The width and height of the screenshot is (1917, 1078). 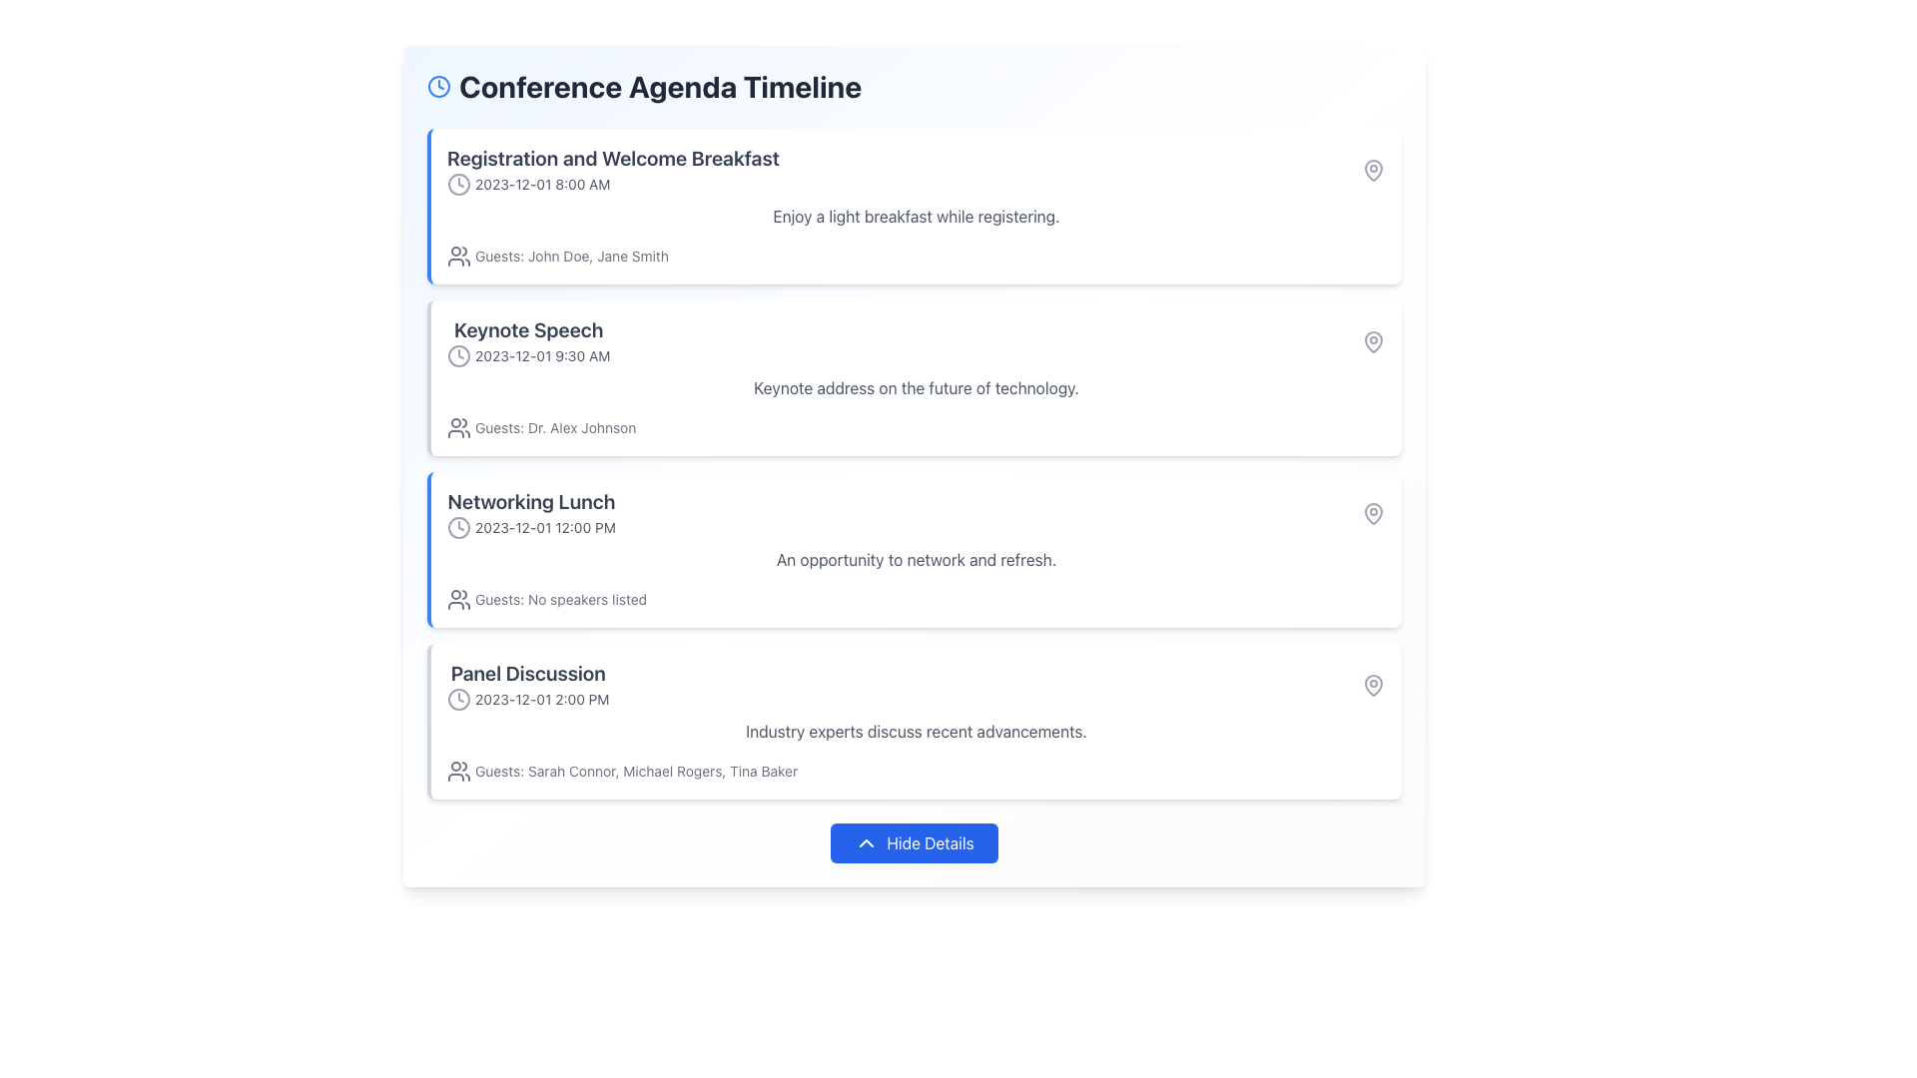 What do you see at coordinates (915, 388) in the screenshot?
I see `the second text description within the 'Keynote Speech' card in the 'Conference Agenda Timeline' that conveys the session details` at bounding box center [915, 388].